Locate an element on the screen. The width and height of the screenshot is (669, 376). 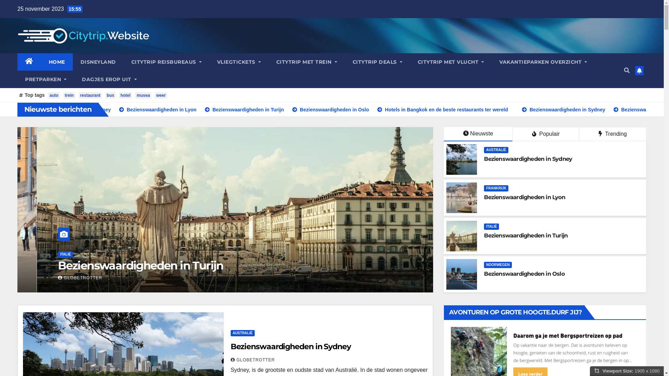
'HOME' is located at coordinates (57, 61).